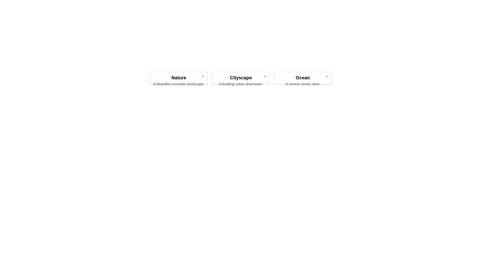  Describe the element at coordinates (265, 77) in the screenshot. I see `the gray 'X' icon button located at the top-right corner of the 'Cityscape' card` at that location.